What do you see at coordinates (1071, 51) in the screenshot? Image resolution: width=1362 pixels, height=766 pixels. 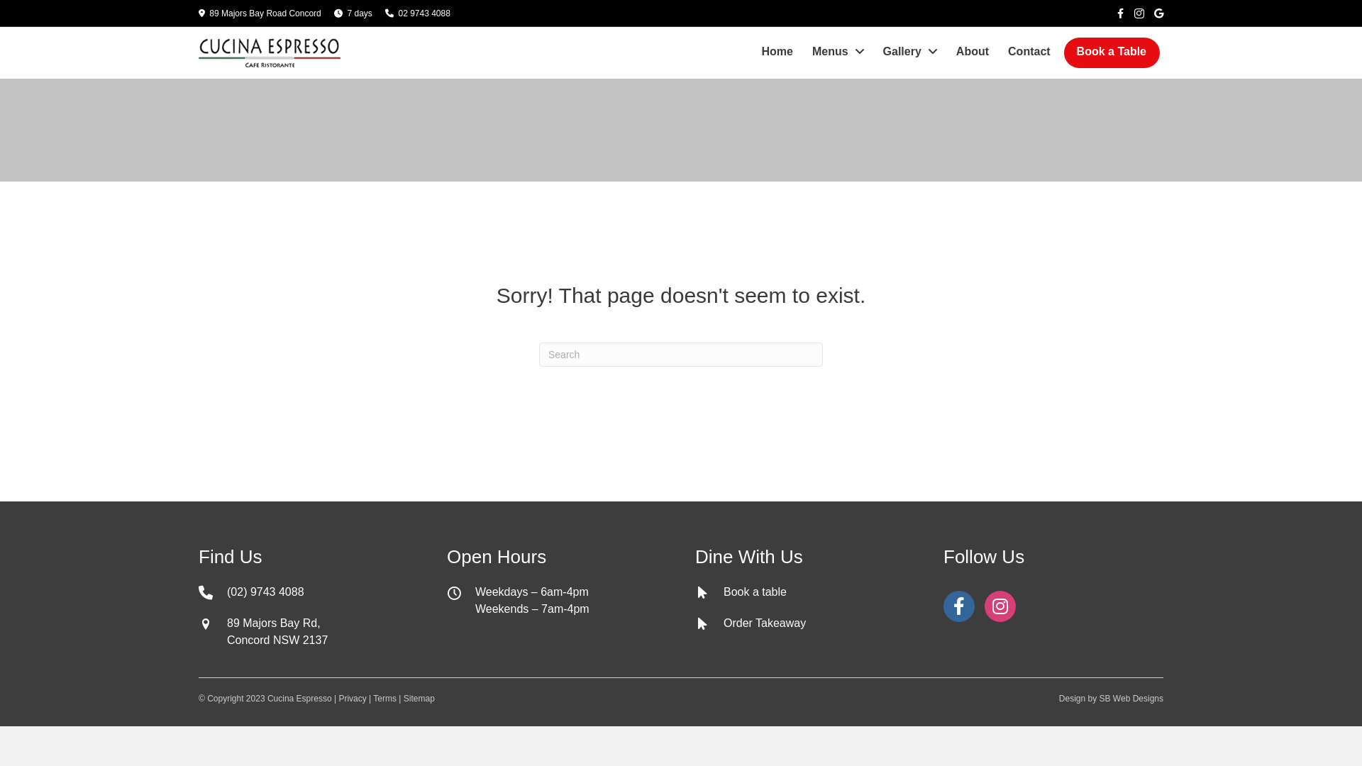 I see `'Book a Table'` at bounding box center [1071, 51].